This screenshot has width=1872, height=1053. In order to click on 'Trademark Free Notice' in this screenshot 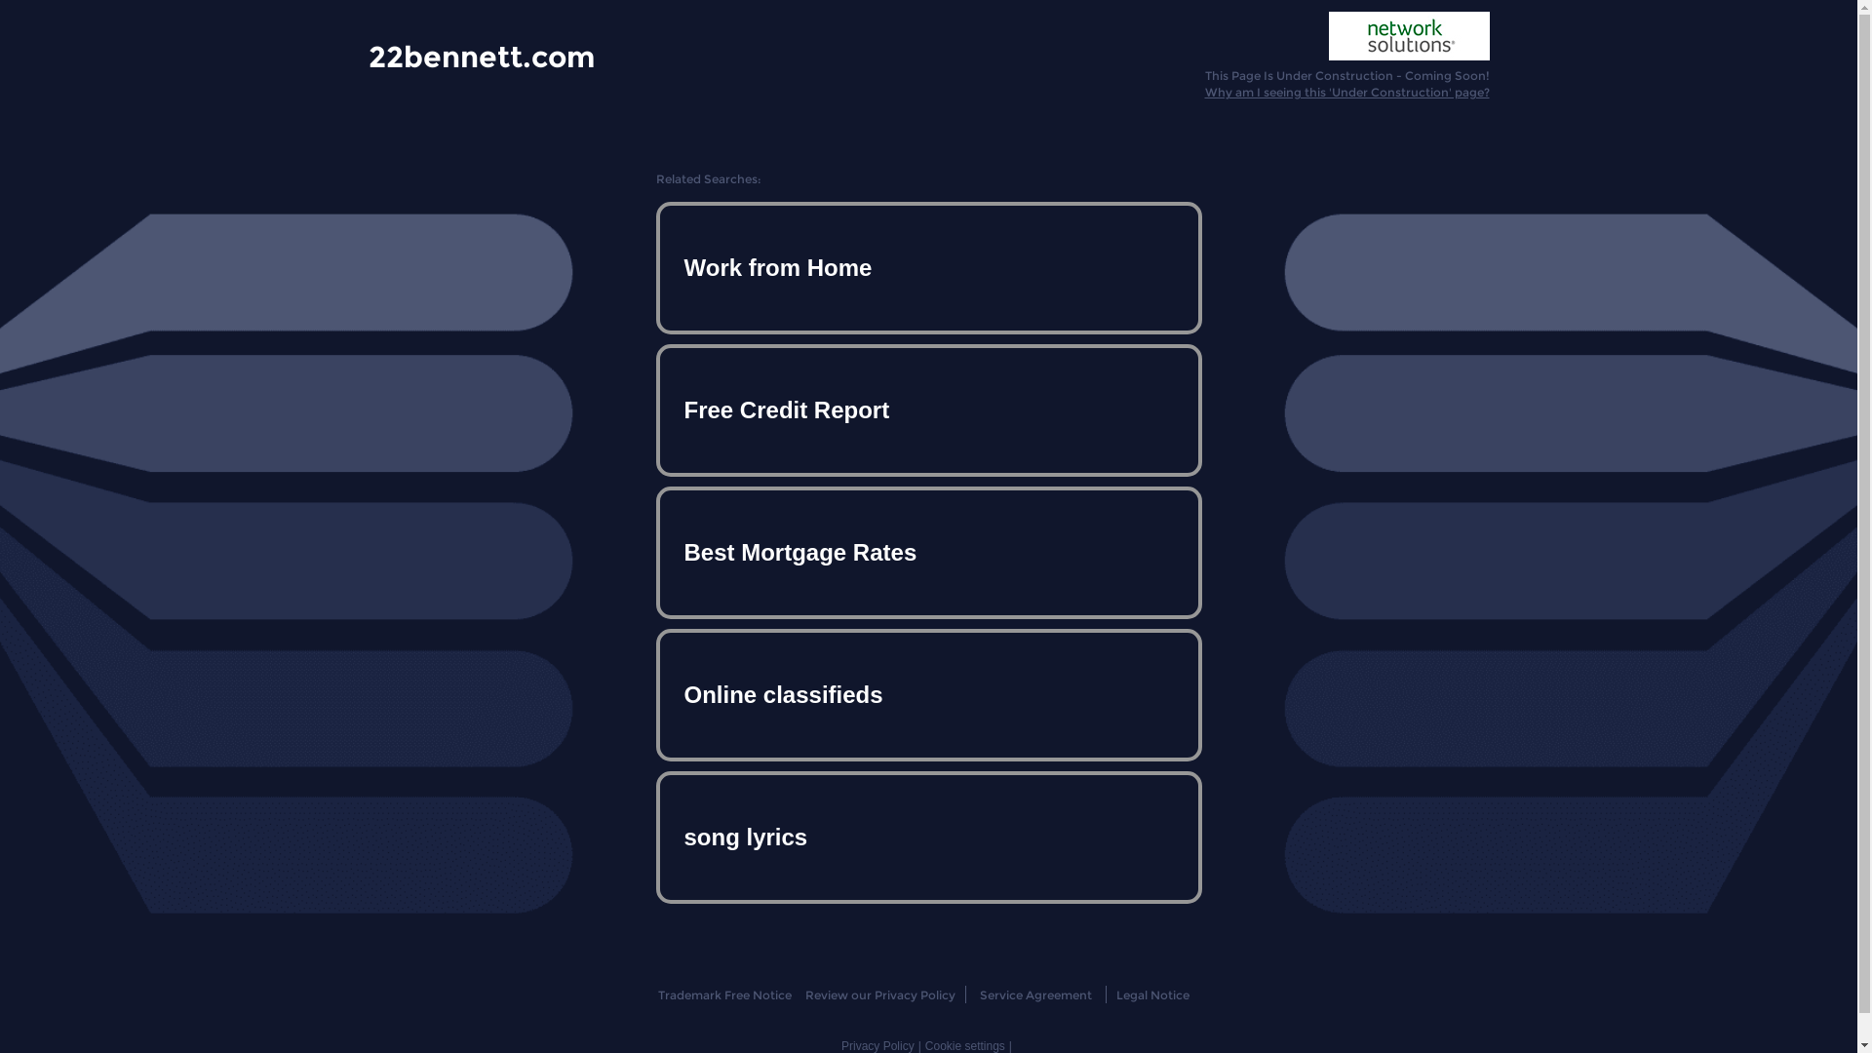, I will do `click(658, 994)`.